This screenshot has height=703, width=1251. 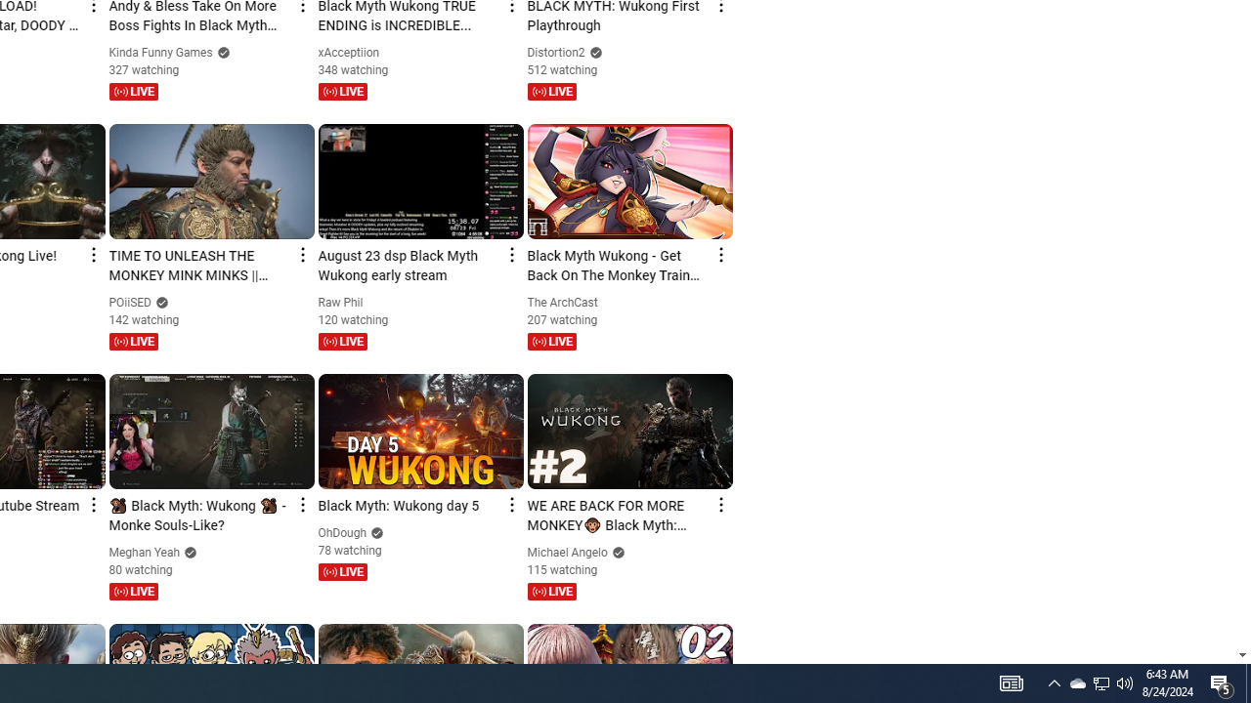 What do you see at coordinates (130, 302) in the screenshot?
I see `'POiiSED'` at bounding box center [130, 302].